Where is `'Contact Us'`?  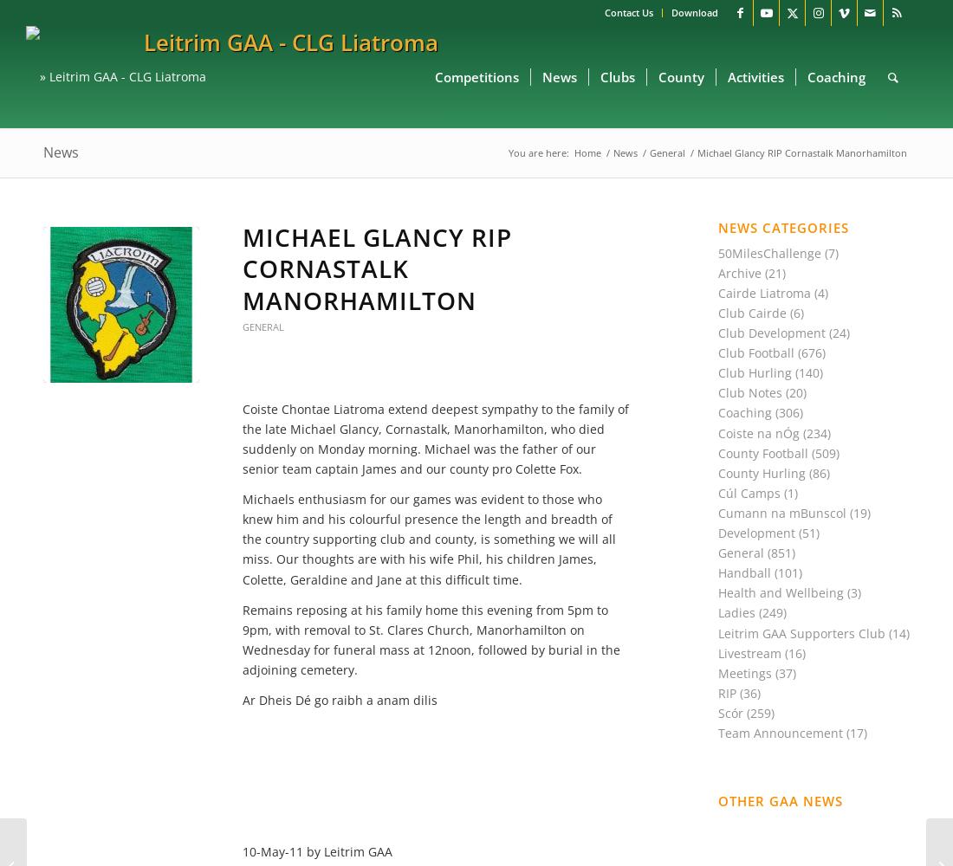
'Contact Us' is located at coordinates (628, 12).